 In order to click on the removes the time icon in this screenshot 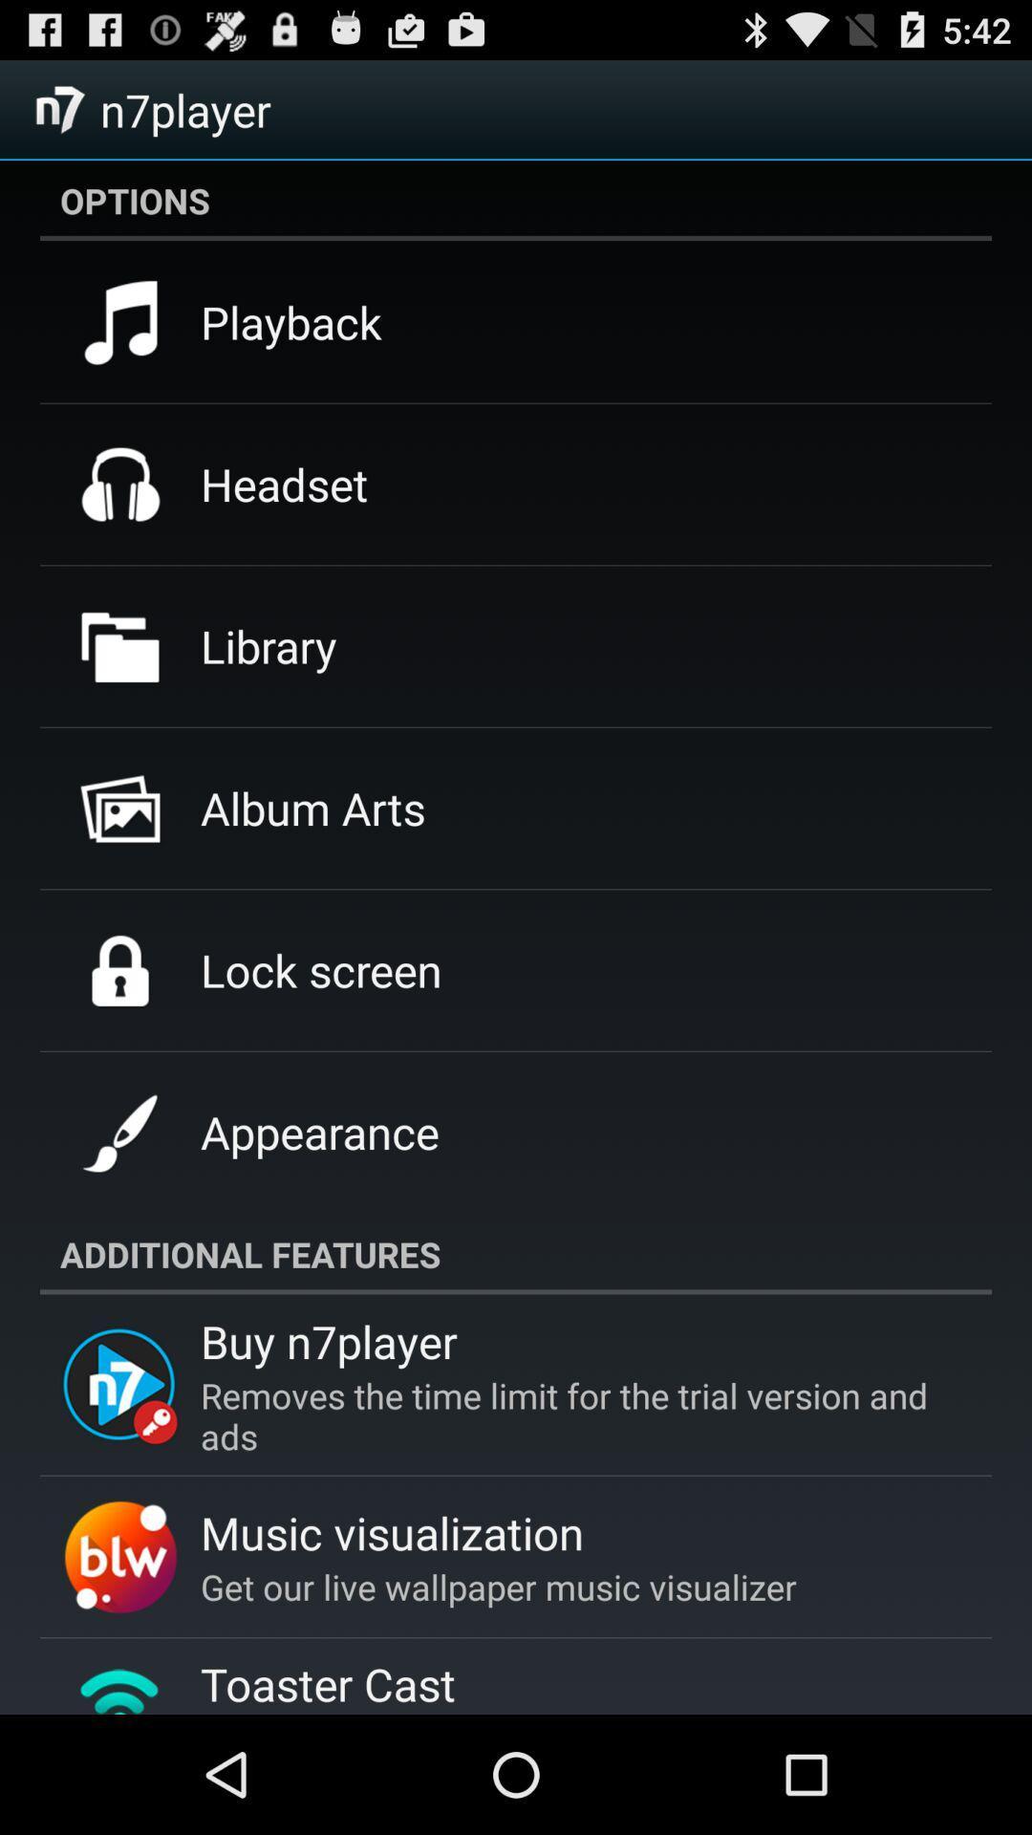, I will do `click(572, 1415)`.